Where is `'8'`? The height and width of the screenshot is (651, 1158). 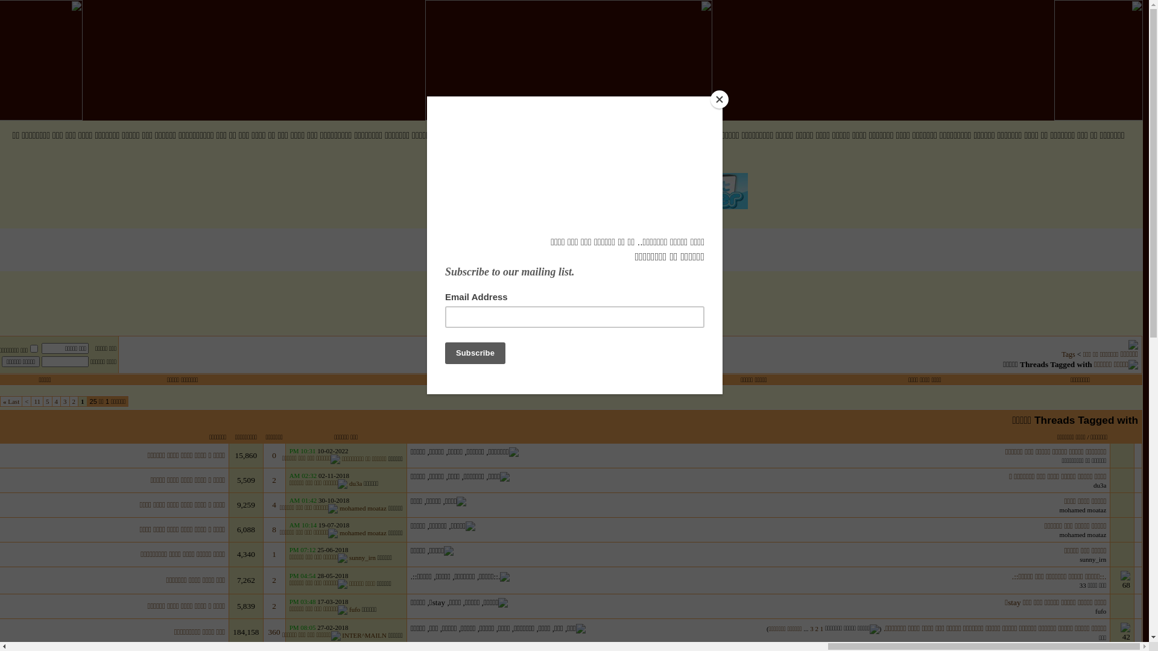 '8' is located at coordinates (273, 529).